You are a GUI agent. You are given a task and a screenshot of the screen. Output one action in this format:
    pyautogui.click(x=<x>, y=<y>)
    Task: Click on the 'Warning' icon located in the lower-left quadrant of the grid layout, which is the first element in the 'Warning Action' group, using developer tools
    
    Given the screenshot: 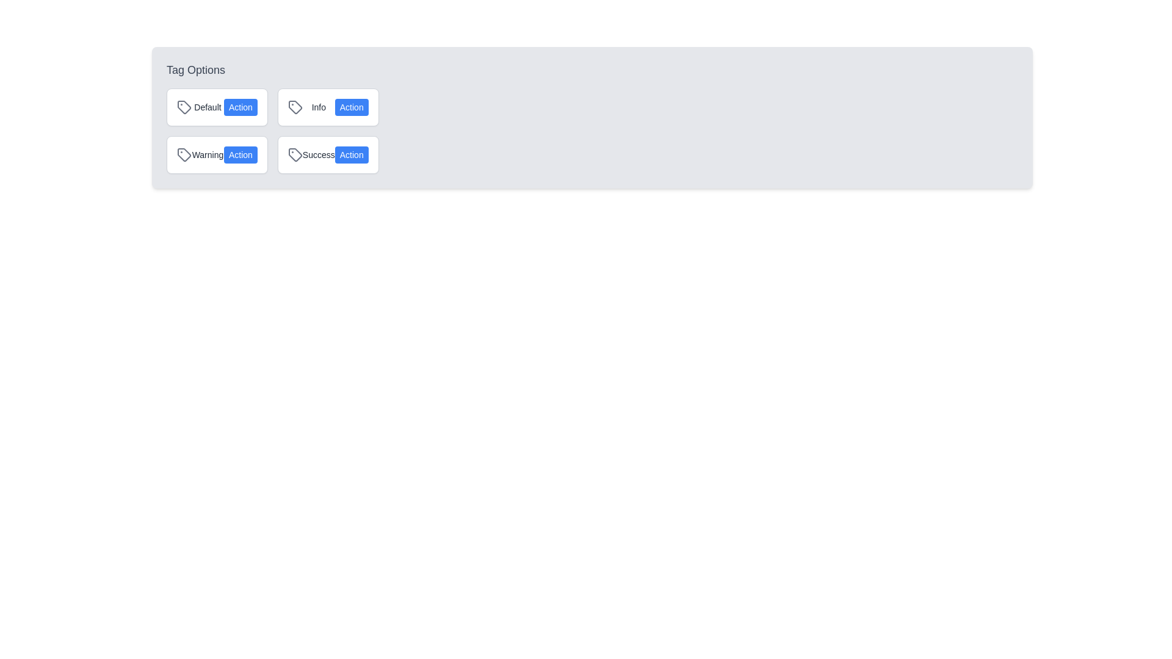 What is the action you would take?
    pyautogui.click(x=184, y=154)
    